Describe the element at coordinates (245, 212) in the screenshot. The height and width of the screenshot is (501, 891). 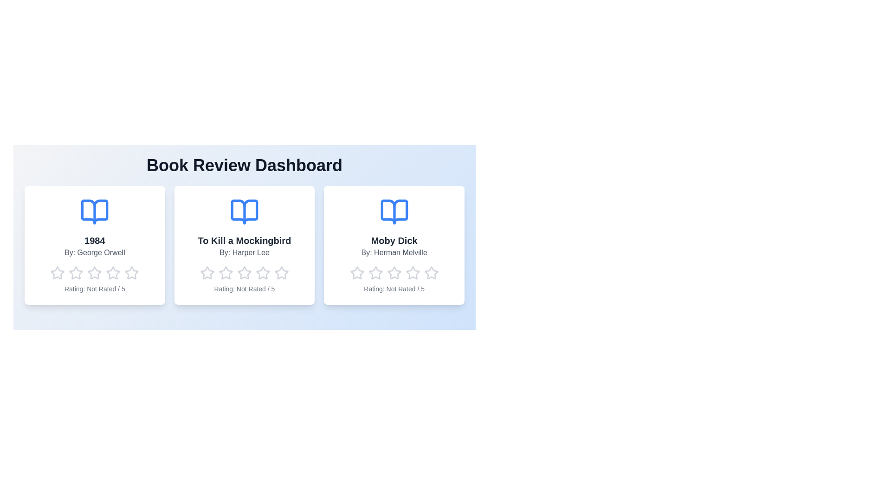
I see `the book icon for To Kill a Mockingbird` at that location.